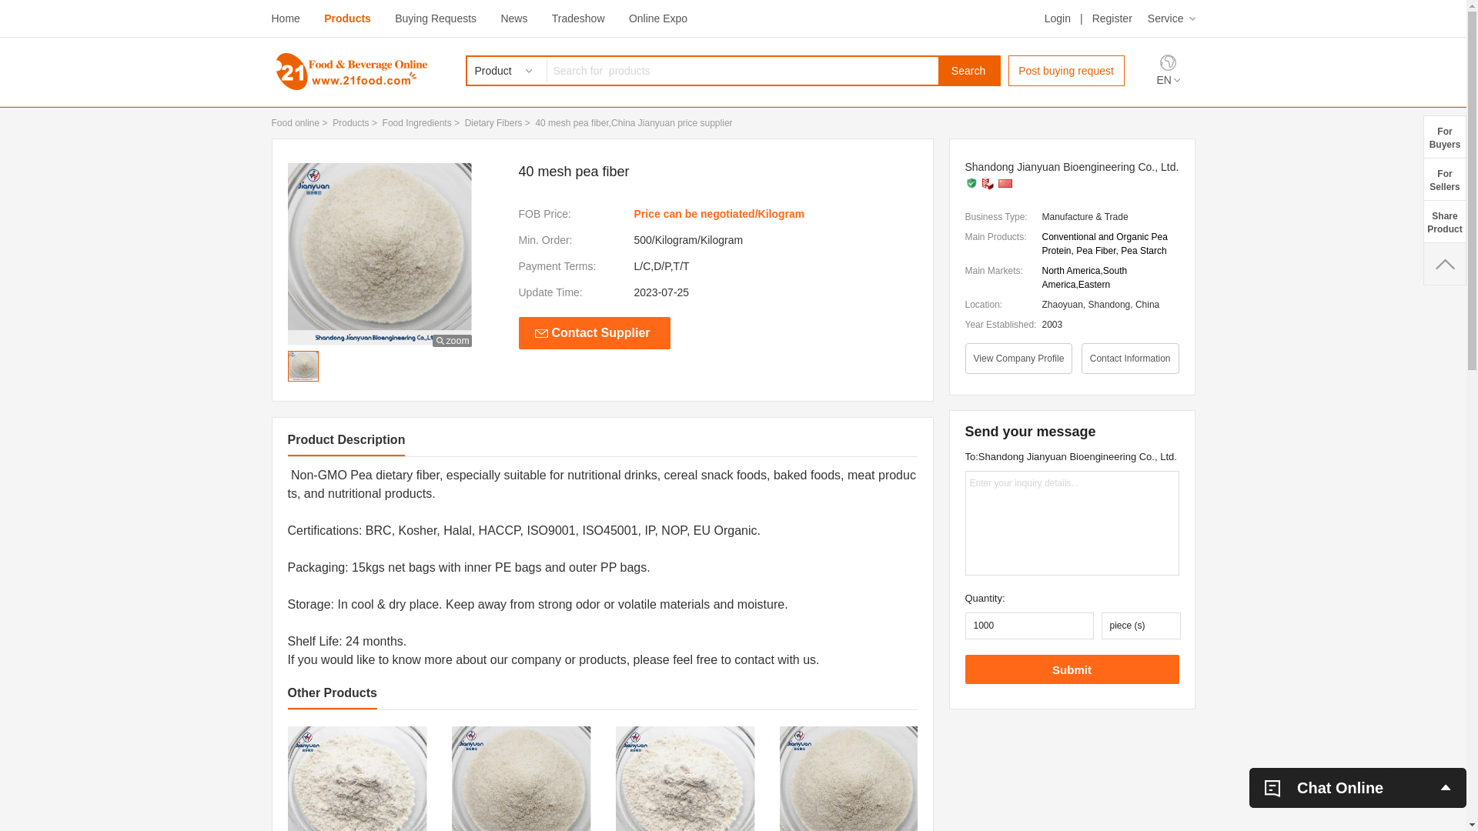 The height and width of the screenshot is (831, 1478). I want to click on 'Home', so click(270, 18).